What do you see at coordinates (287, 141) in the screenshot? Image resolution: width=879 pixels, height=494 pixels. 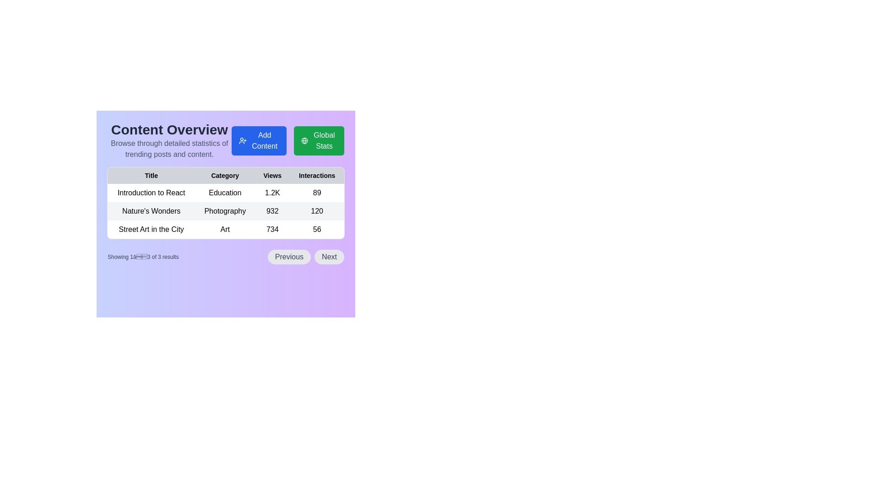 I see `the 'Add Content' button in the button group located underneath the 'Content Overview' heading` at bounding box center [287, 141].